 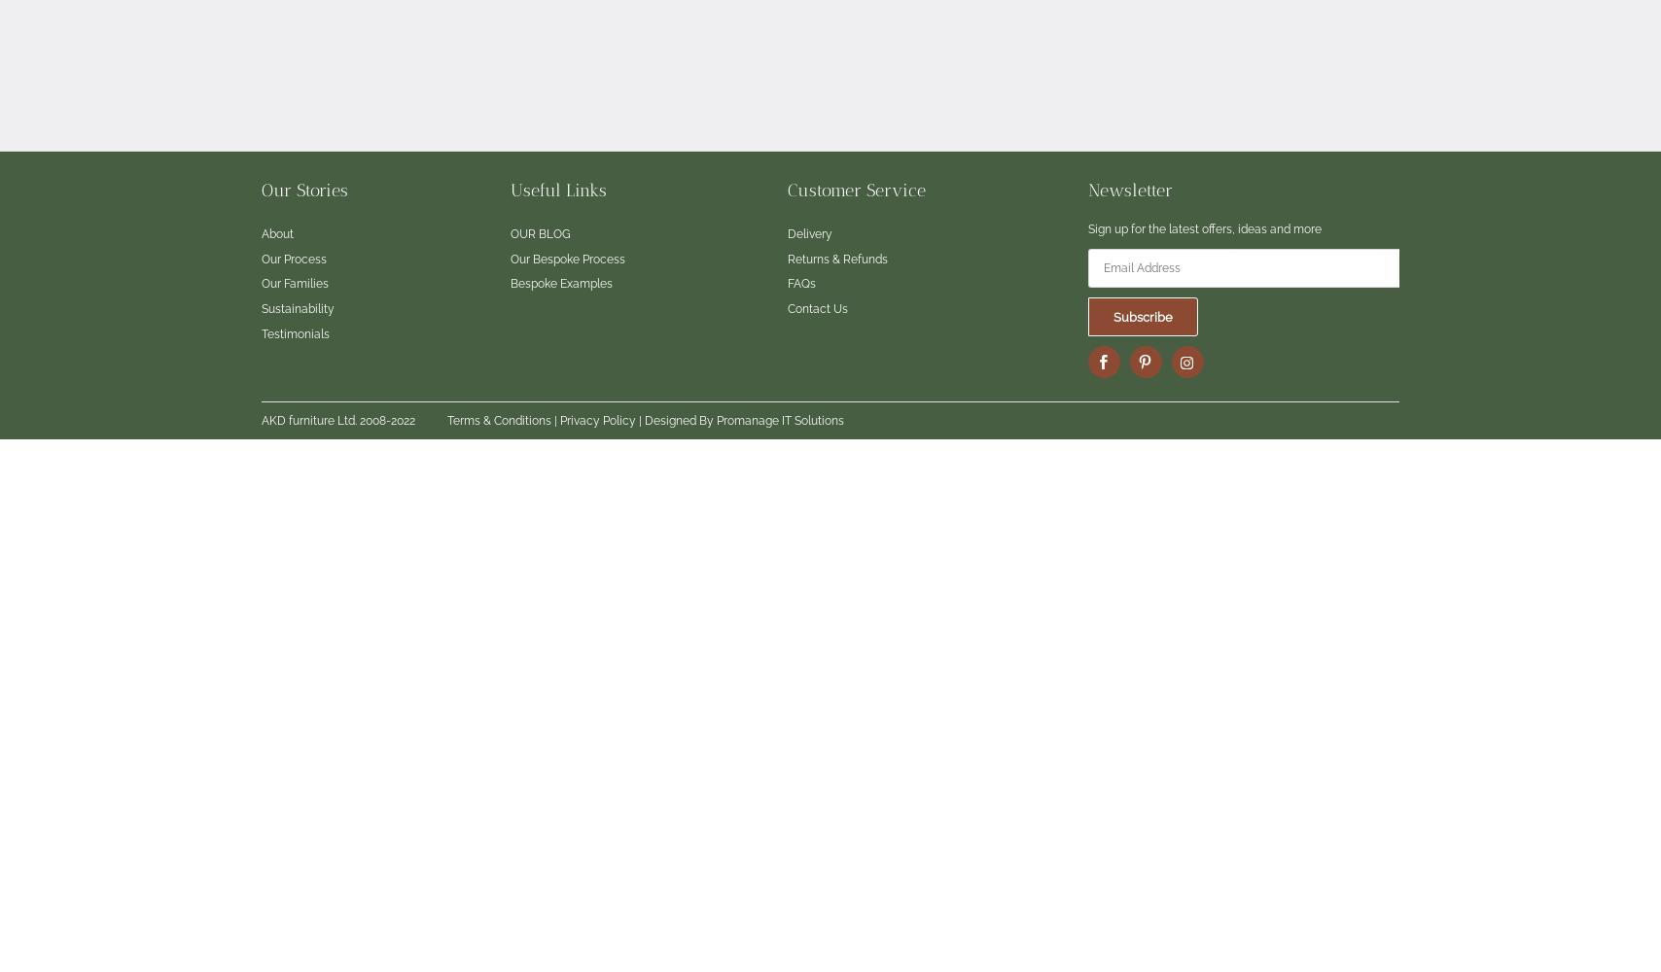 I want to click on 'Our Bespoke Process', so click(x=511, y=259).